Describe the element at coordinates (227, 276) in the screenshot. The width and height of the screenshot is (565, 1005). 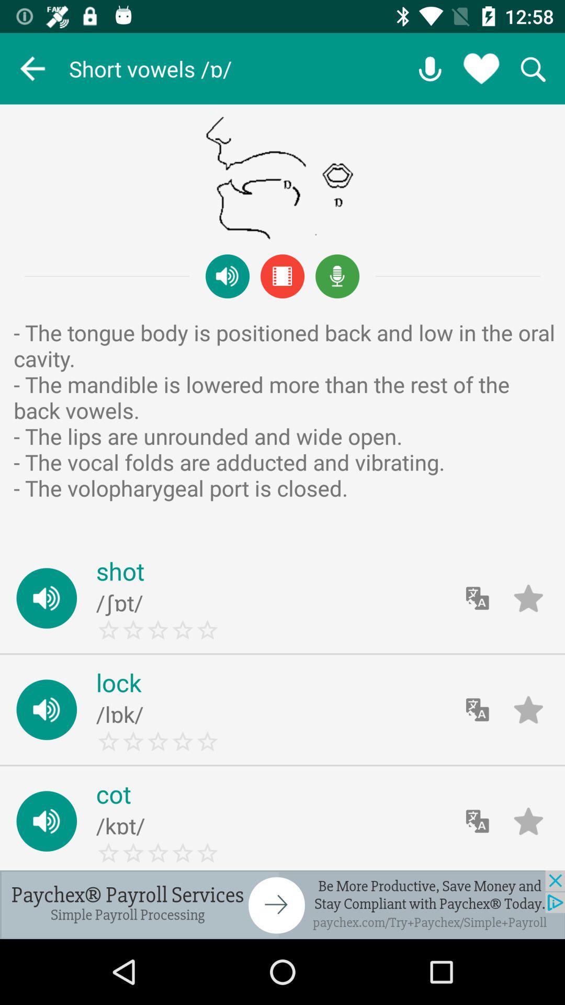
I see `the volume icon` at that location.